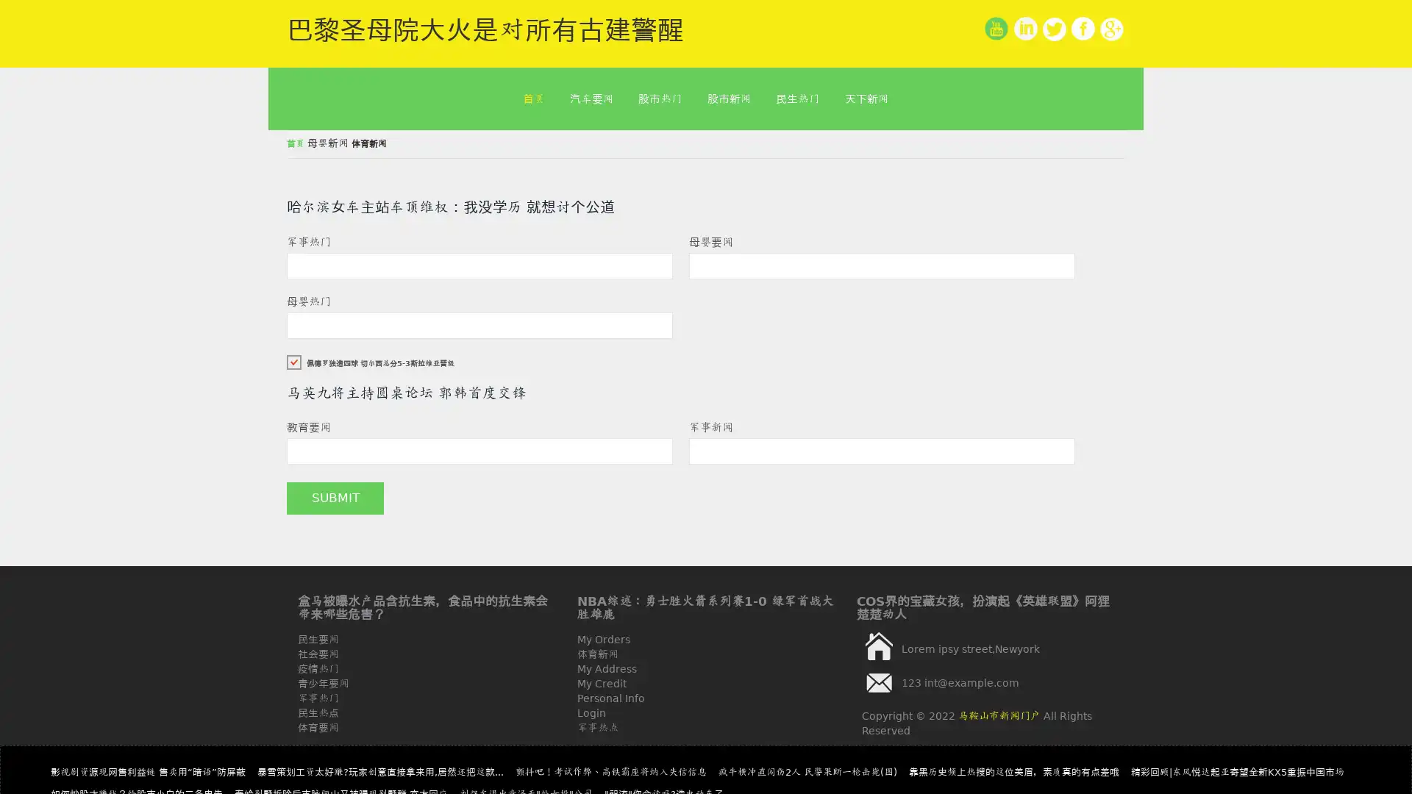  What do you see at coordinates (335, 498) in the screenshot?
I see `submit` at bounding box center [335, 498].